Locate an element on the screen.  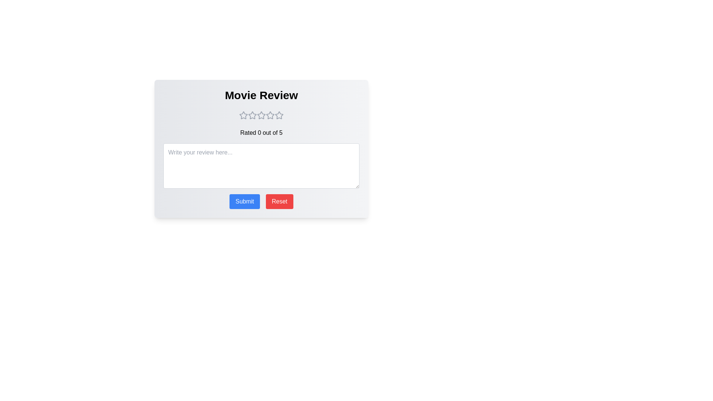
the text area to focus it and allow typing is located at coordinates (261, 166).